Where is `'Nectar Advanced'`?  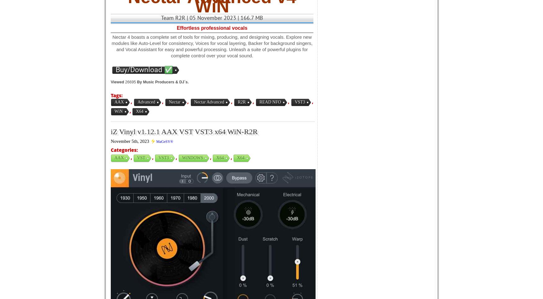 'Nectar Advanced' is located at coordinates (209, 102).